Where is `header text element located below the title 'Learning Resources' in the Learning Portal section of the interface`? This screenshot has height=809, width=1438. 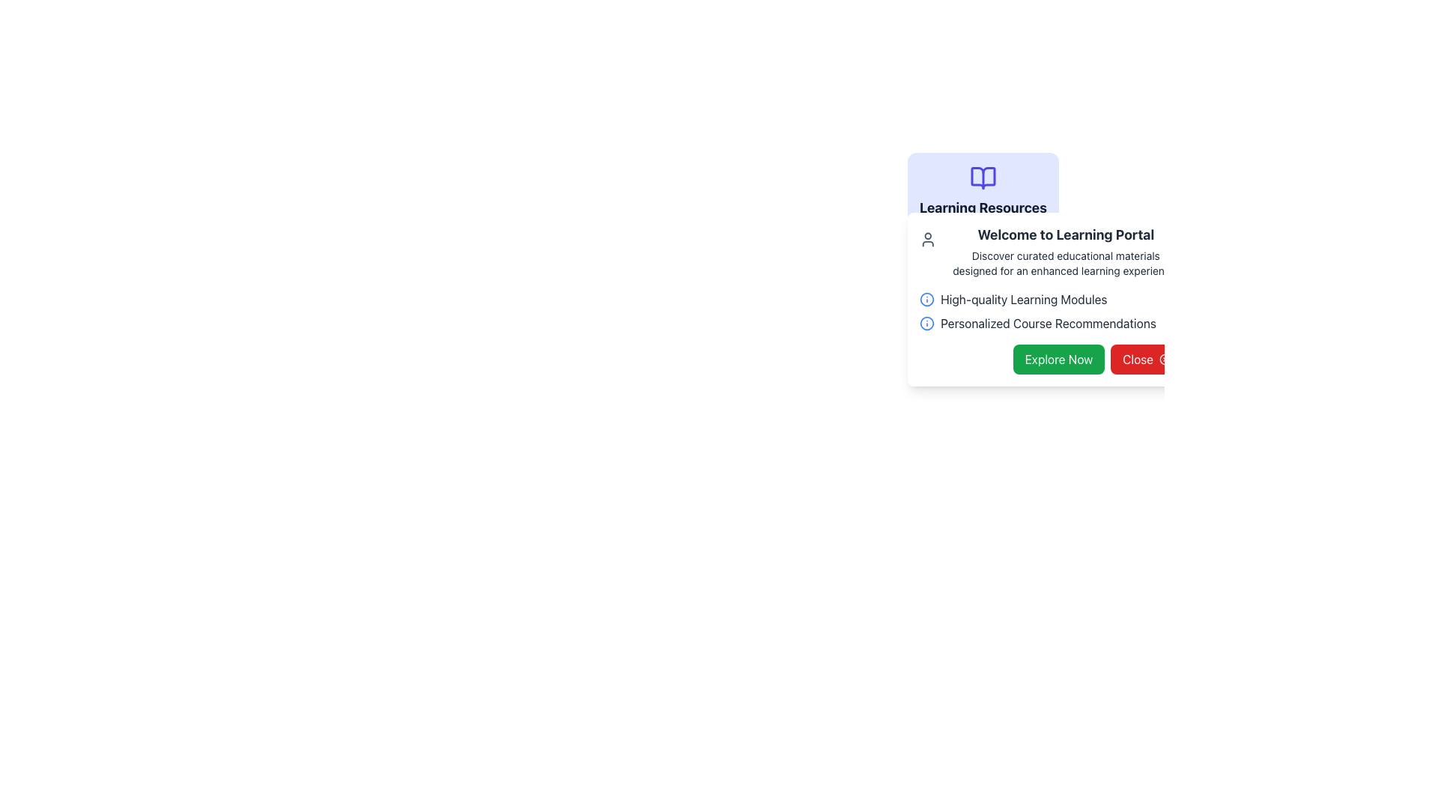
header text element located below the title 'Learning Resources' in the Learning Portal section of the interface is located at coordinates (1065, 234).